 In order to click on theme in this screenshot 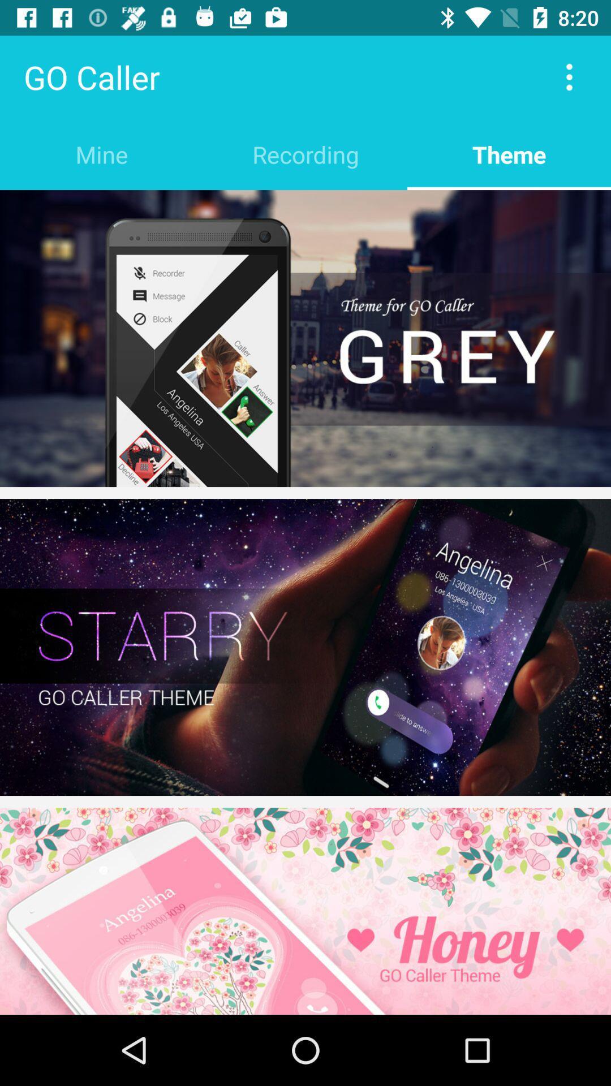, I will do `click(305, 338)`.